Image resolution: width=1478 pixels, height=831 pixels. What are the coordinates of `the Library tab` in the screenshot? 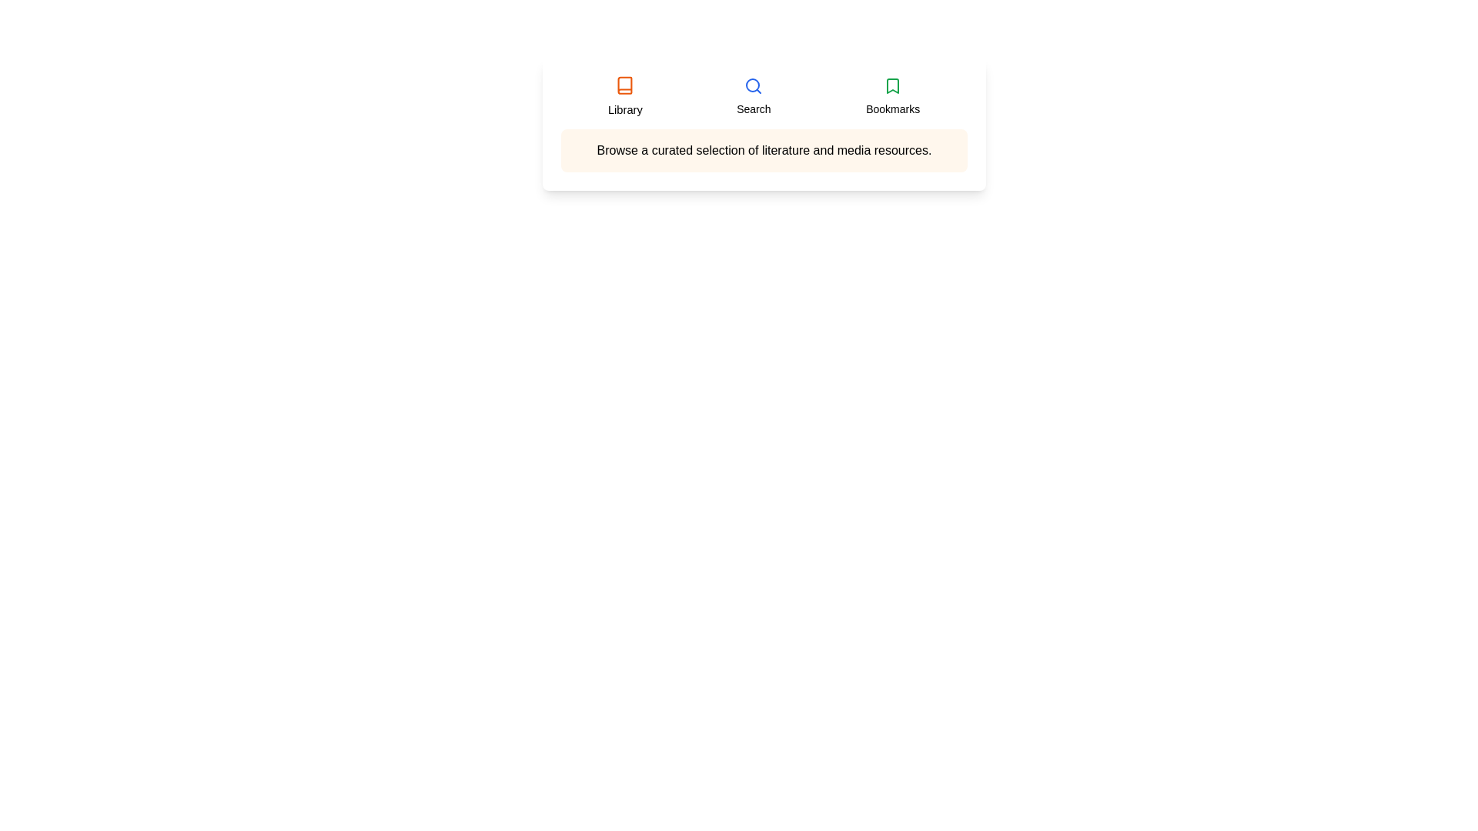 It's located at (624, 97).